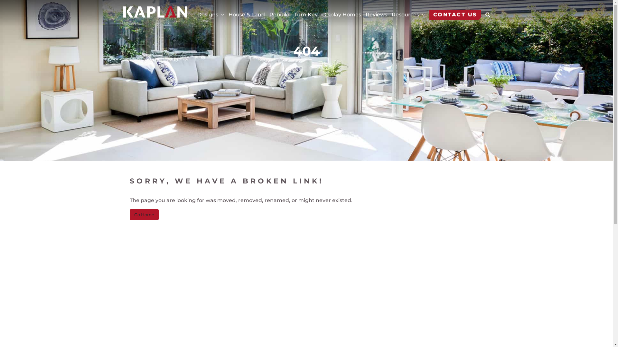 This screenshot has height=347, width=618. What do you see at coordinates (229, 14) in the screenshot?
I see `'House & Land'` at bounding box center [229, 14].